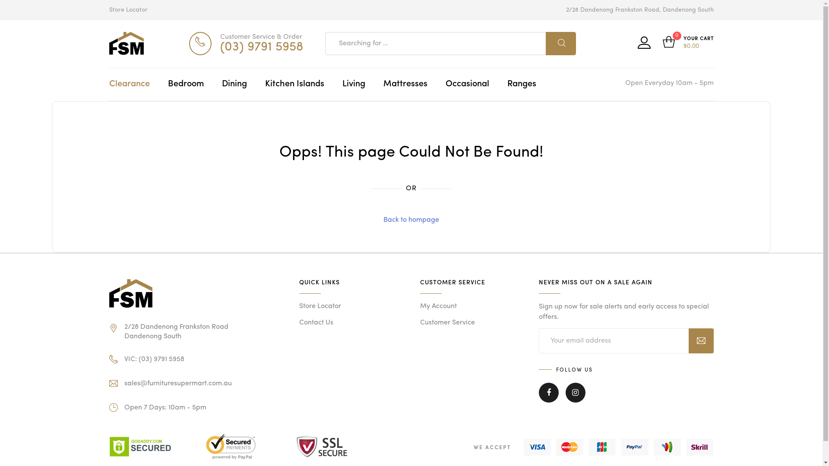  What do you see at coordinates (447, 323) in the screenshot?
I see `'Customer Service'` at bounding box center [447, 323].